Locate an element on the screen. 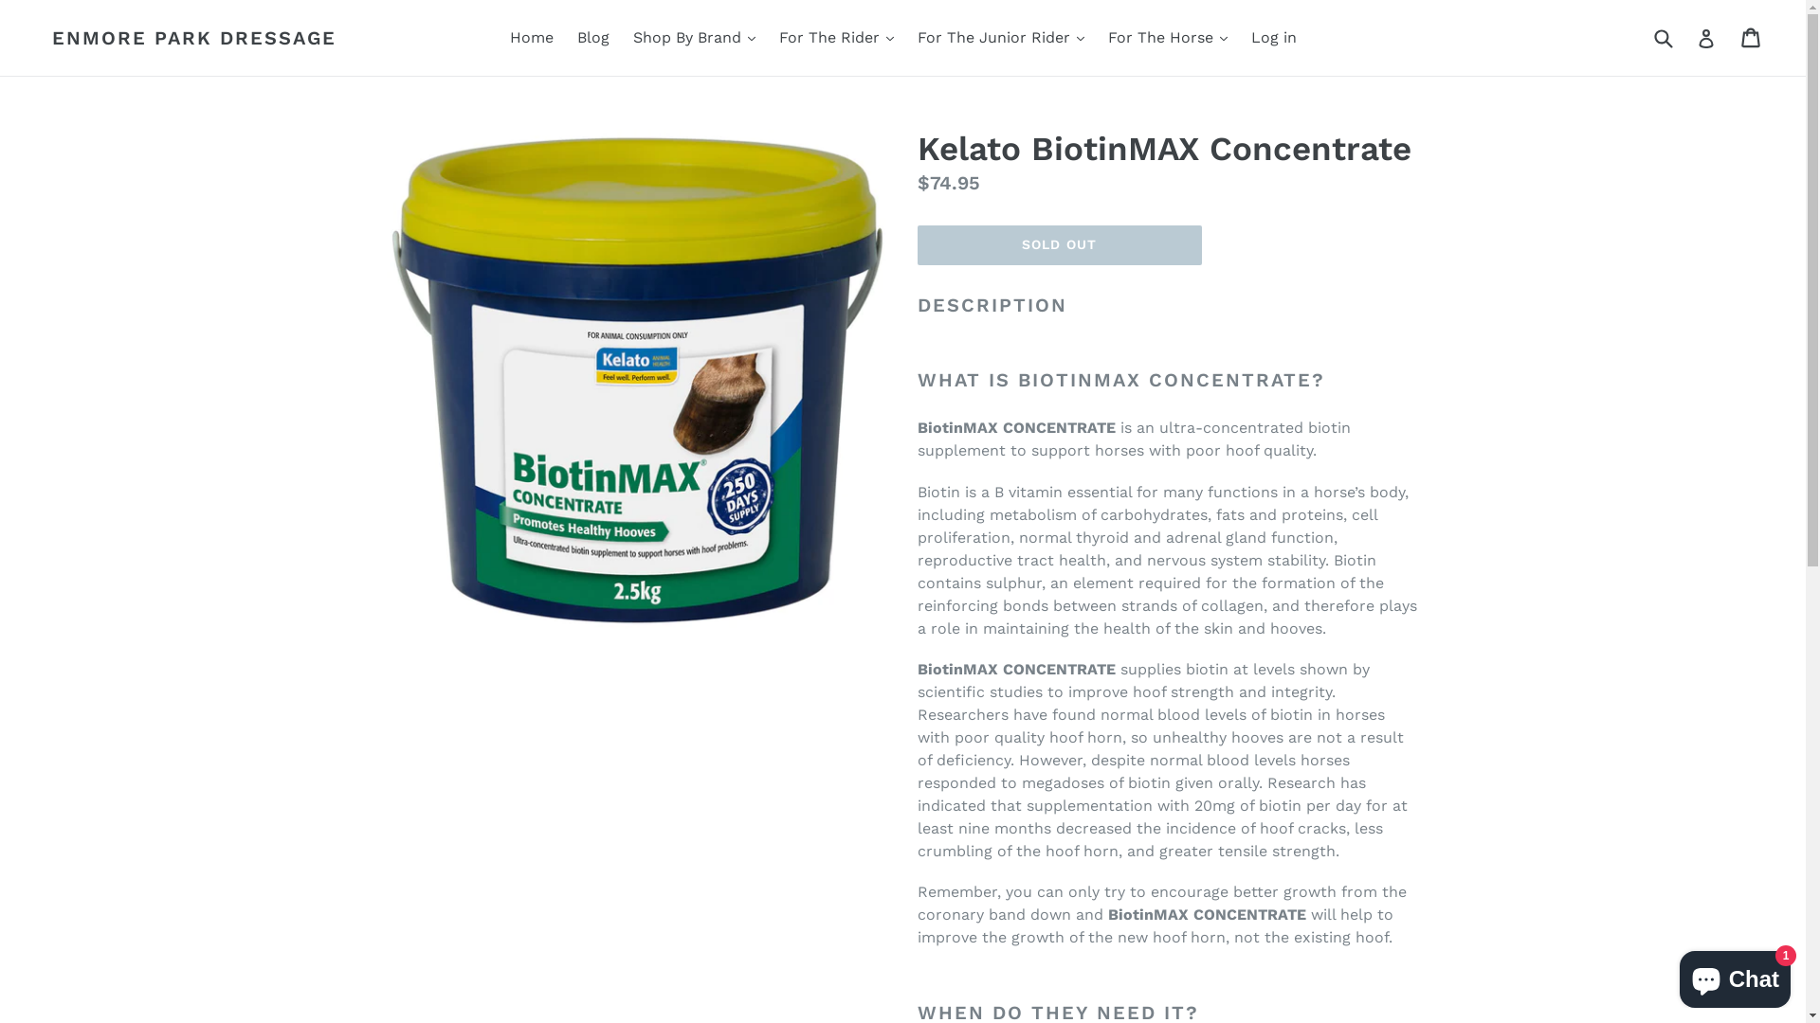 The height and width of the screenshot is (1023, 1820). 'SOLD OUT' is located at coordinates (1059, 243).